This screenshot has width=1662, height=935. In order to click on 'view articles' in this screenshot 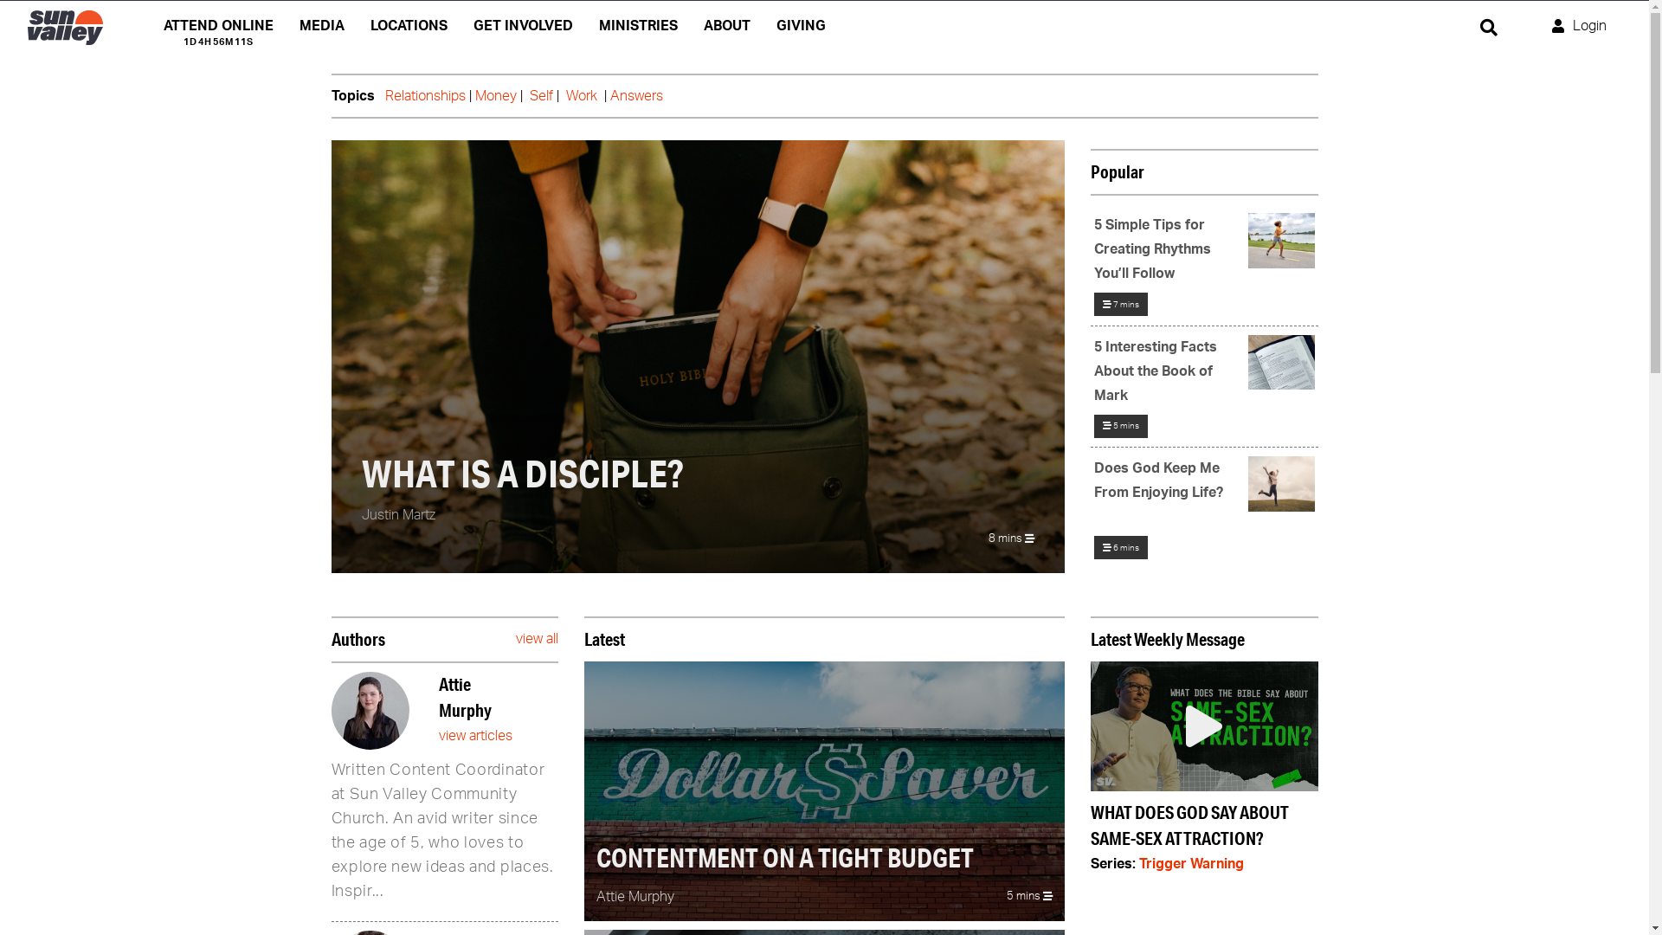, I will do `click(439, 735)`.